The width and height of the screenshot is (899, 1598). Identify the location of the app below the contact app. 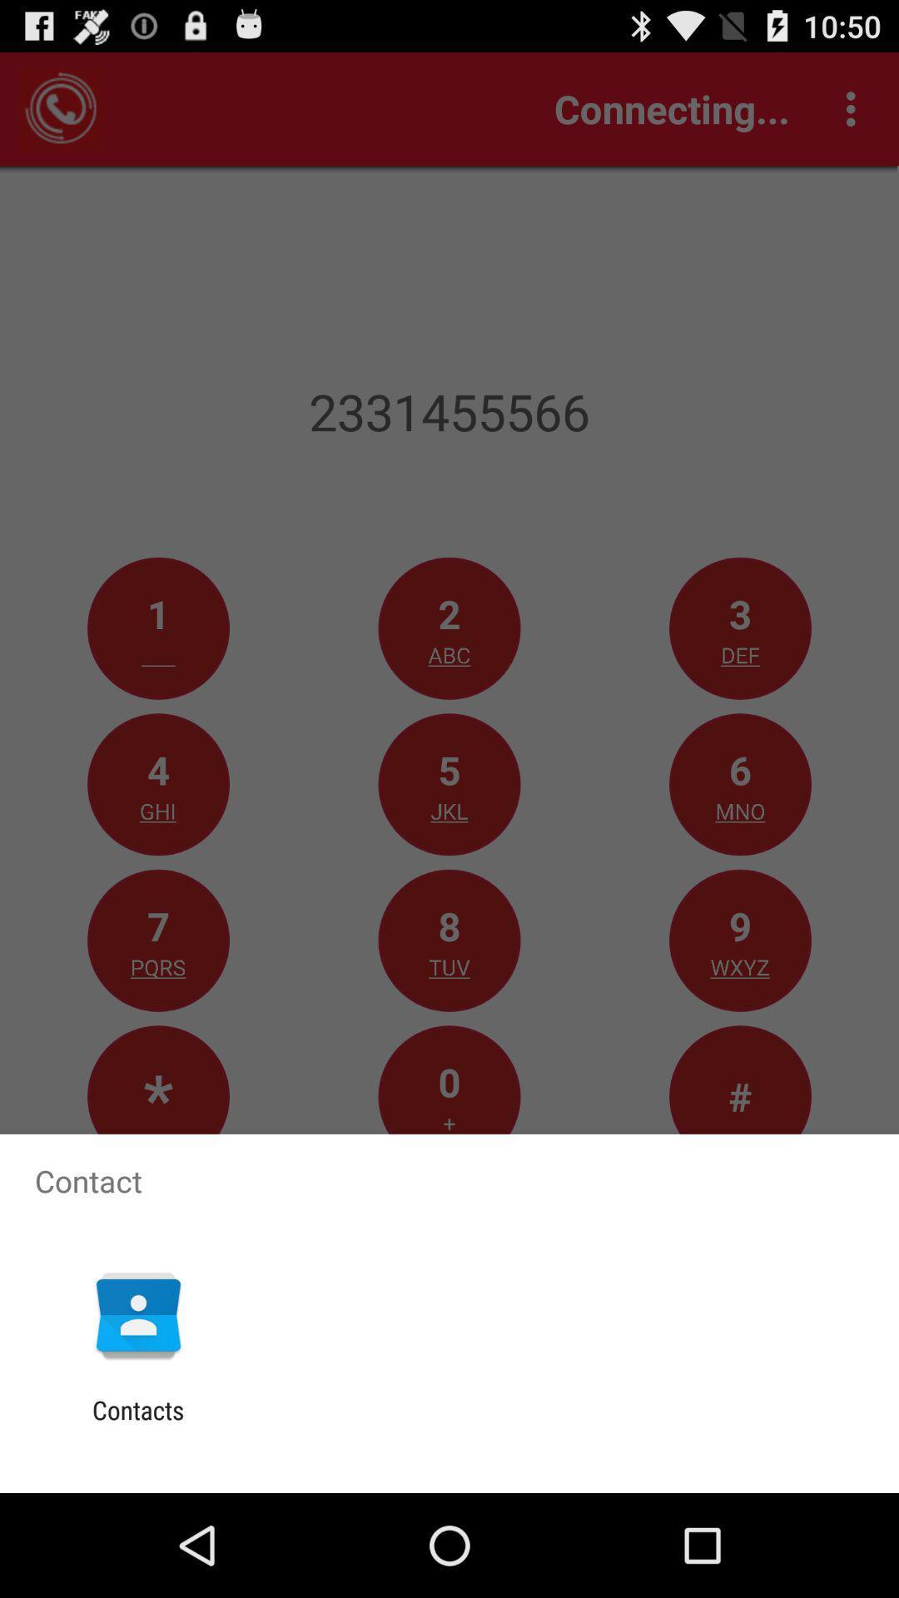
(137, 1314).